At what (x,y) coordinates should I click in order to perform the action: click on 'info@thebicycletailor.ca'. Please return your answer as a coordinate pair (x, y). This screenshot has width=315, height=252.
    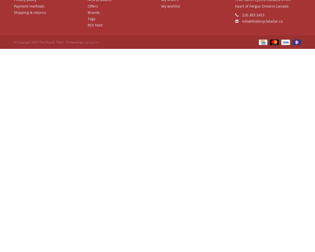
    Looking at the image, I should click on (262, 21).